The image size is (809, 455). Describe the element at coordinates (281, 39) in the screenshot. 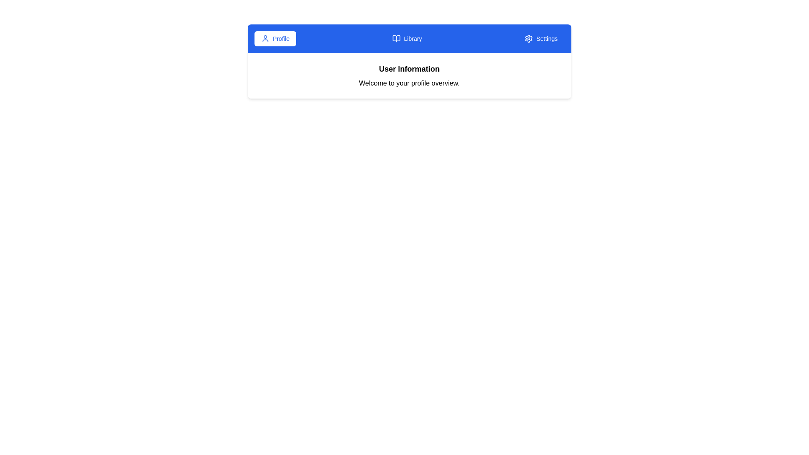

I see `the profile section label text located to the right of the user icon in the top-left corner of the interface` at that location.